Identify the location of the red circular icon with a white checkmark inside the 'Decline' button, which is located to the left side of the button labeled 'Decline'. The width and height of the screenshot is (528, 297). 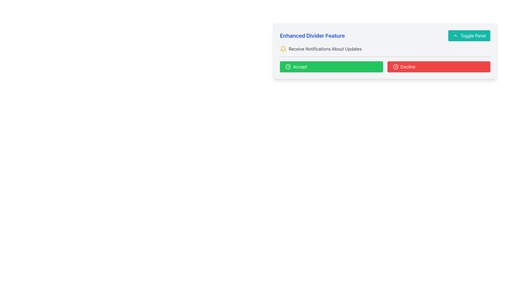
(395, 67).